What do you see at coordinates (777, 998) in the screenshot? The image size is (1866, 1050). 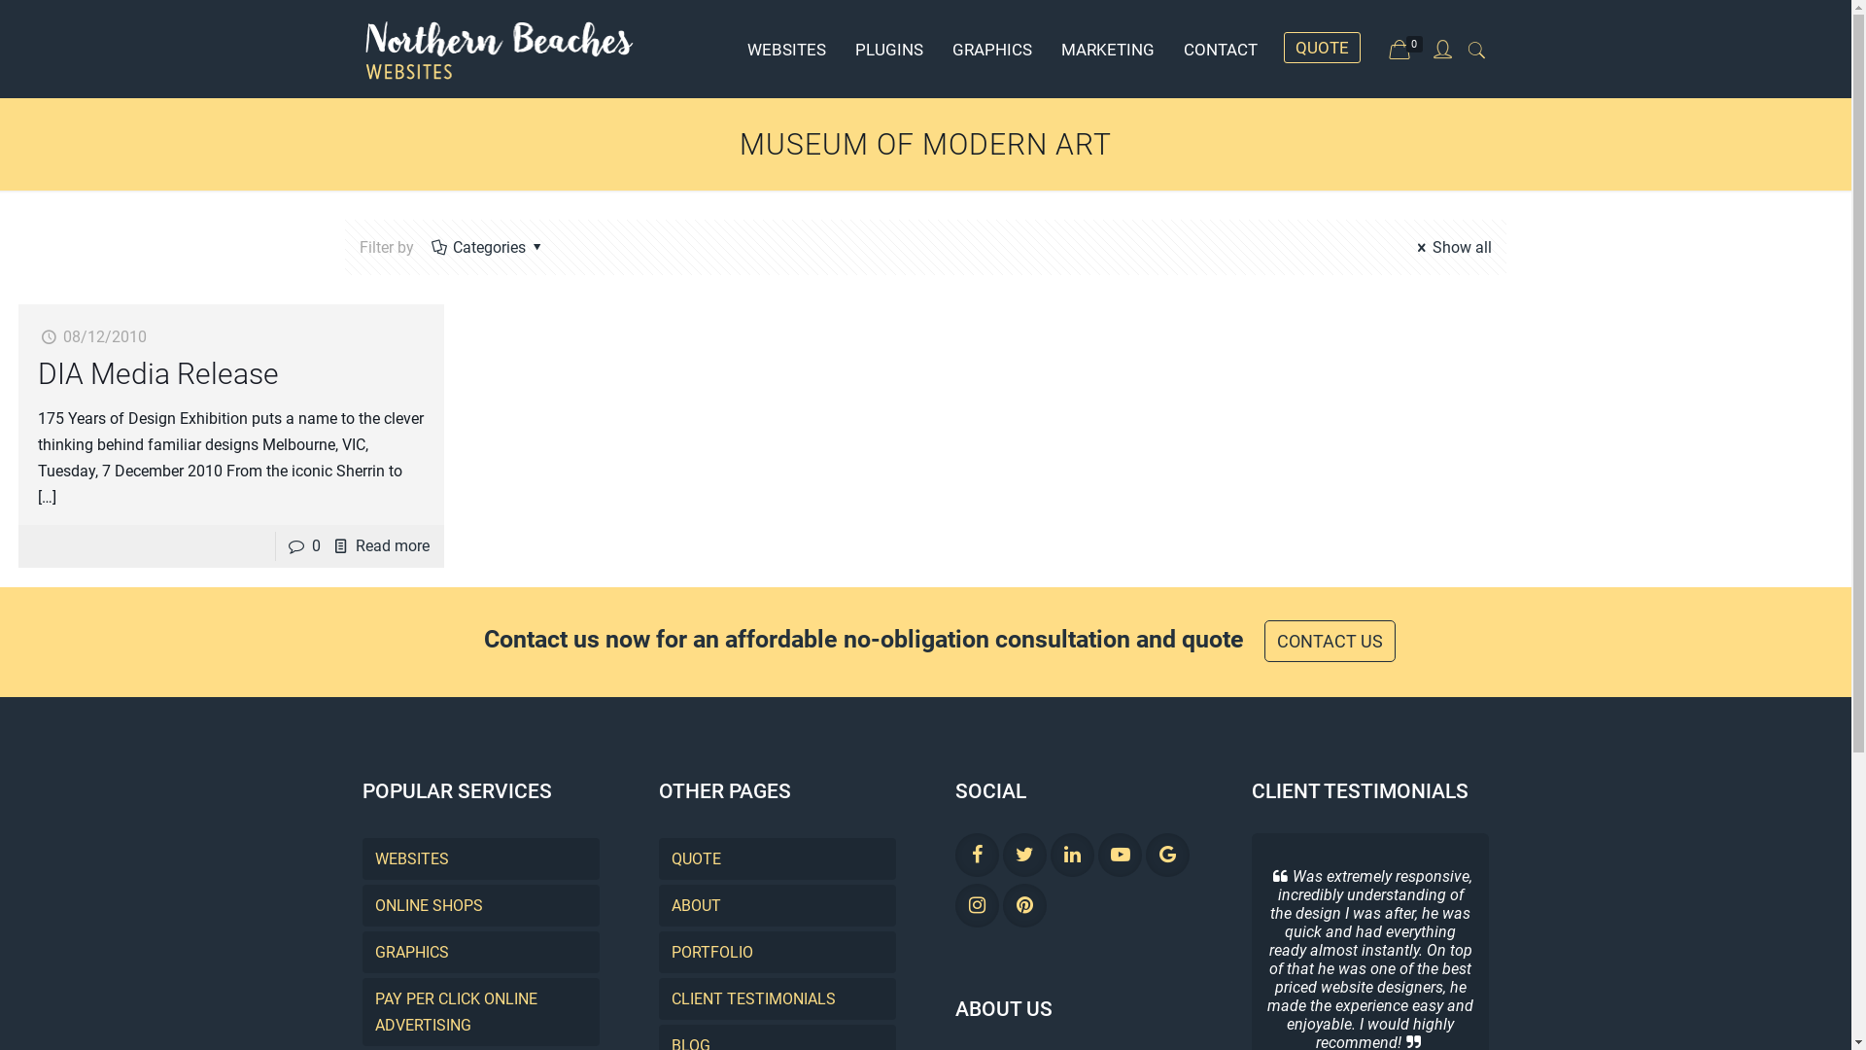 I see `'CLIENT TESTIMONIALS'` at bounding box center [777, 998].